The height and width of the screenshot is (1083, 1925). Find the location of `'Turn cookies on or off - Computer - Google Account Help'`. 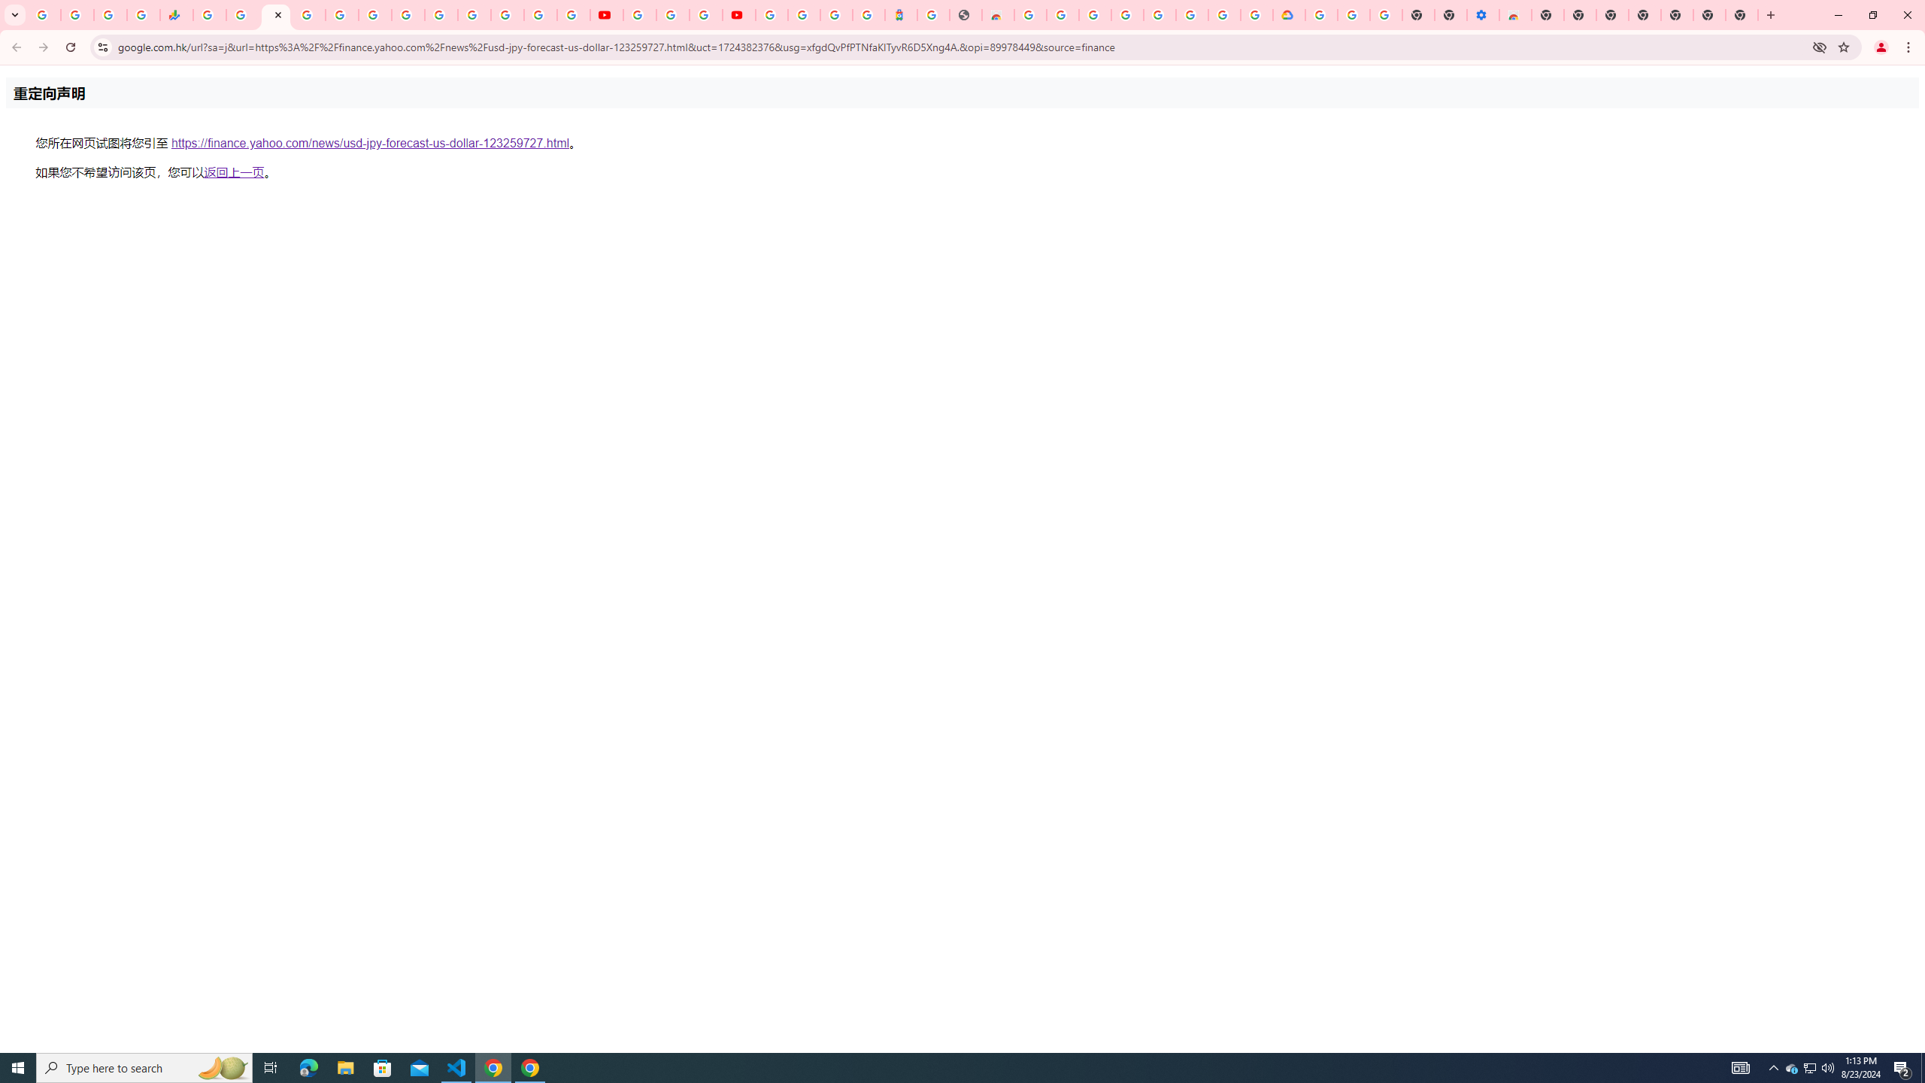

'Turn cookies on or off - Computer - Google Account Help' is located at coordinates (1385, 14).